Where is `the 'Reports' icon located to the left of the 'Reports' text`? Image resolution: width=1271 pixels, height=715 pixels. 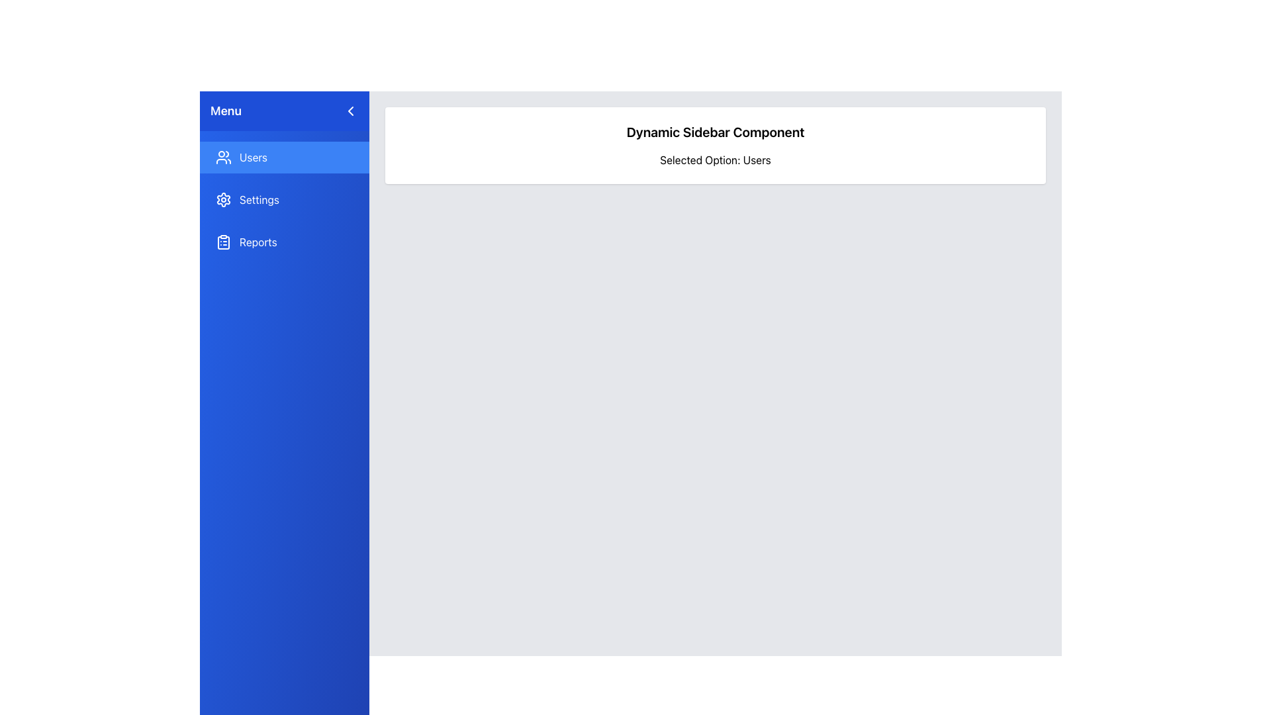 the 'Reports' icon located to the left of the 'Reports' text is located at coordinates (223, 242).